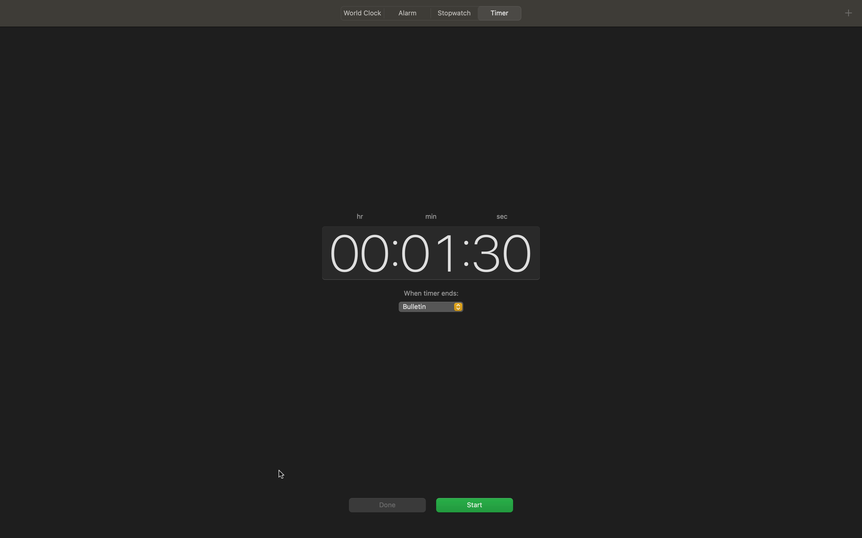  What do you see at coordinates (356, 252) in the screenshot?
I see `the time by two hours` at bounding box center [356, 252].